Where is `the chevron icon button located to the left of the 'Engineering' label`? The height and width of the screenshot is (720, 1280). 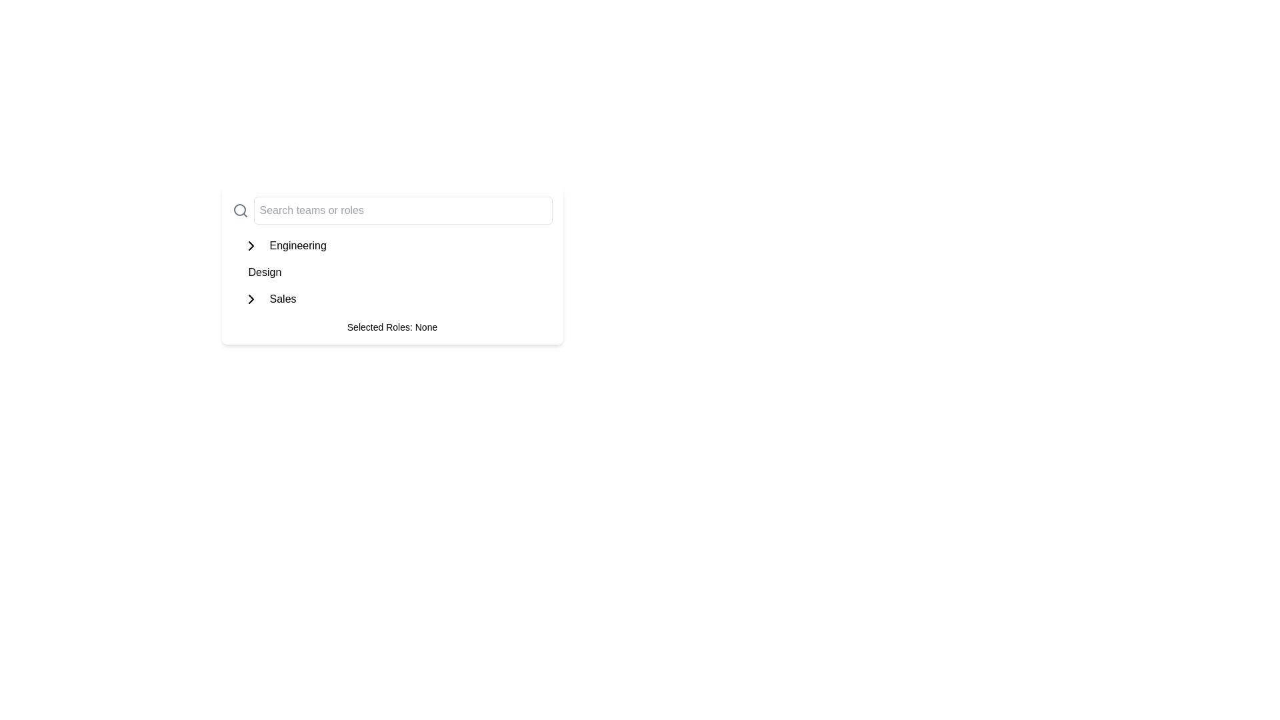
the chevron icon button located to the left of the 'Engineering' label is located at coordinates (251, 246).